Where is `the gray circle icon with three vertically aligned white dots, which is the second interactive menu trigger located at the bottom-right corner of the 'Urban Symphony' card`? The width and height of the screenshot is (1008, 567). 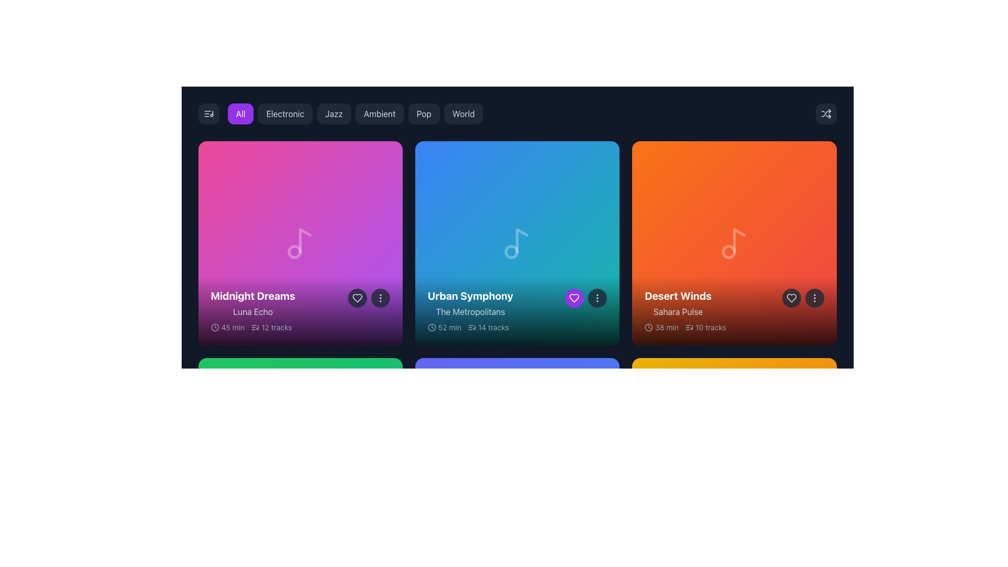 the gray circle icon with three vertically aligned white dots, which is the second interactive menu trigger located at the bottom-right corner of the 'Urban Symphony' card is located at coordinates (585, 298).